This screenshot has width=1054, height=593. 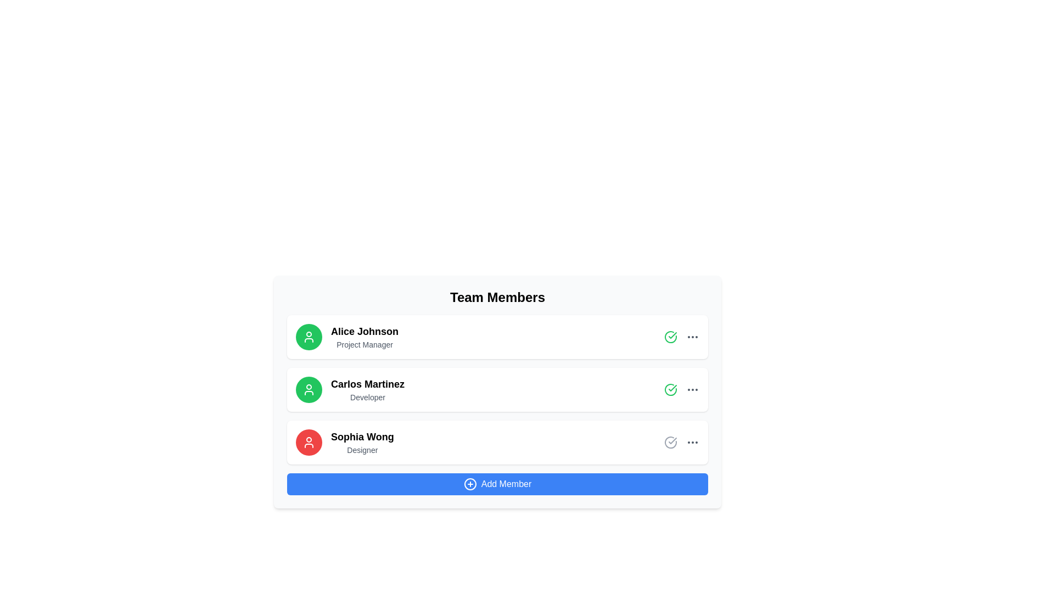 What do you see at coordinates (692, 442) in the screenshot?
I see `the horizontal ellipsis icon consisting of three dots aligned horizontally located at the end of the 'Team Members' section` at bounding box center [692, 442].